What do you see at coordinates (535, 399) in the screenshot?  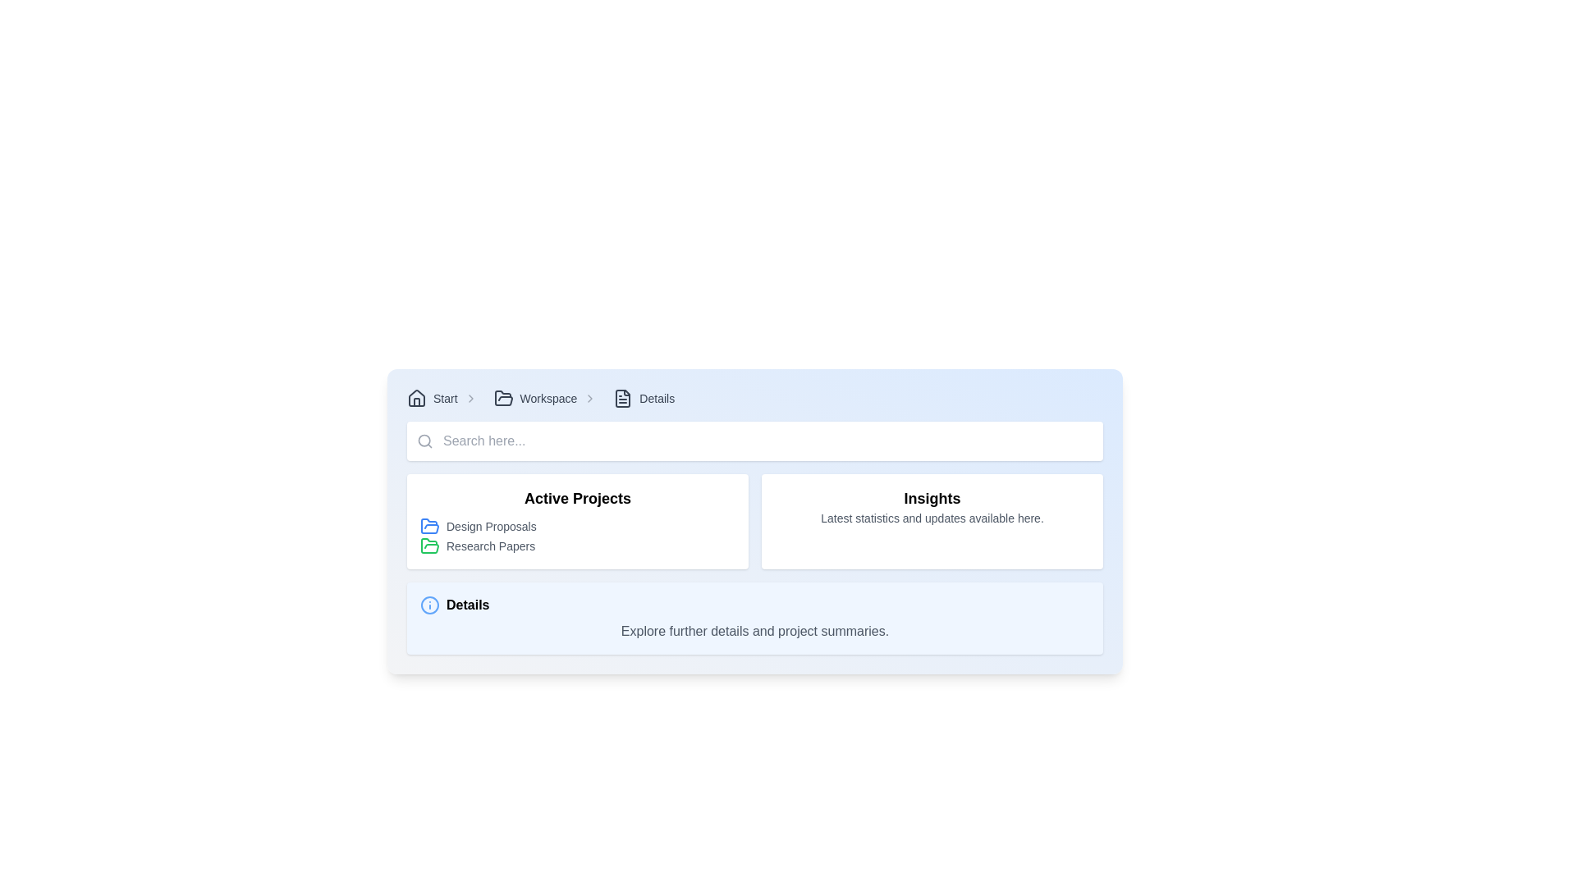 I see `the second breadcrumb navigation link located between 'Start' and 'Details'` at bounding box center [535, 399].